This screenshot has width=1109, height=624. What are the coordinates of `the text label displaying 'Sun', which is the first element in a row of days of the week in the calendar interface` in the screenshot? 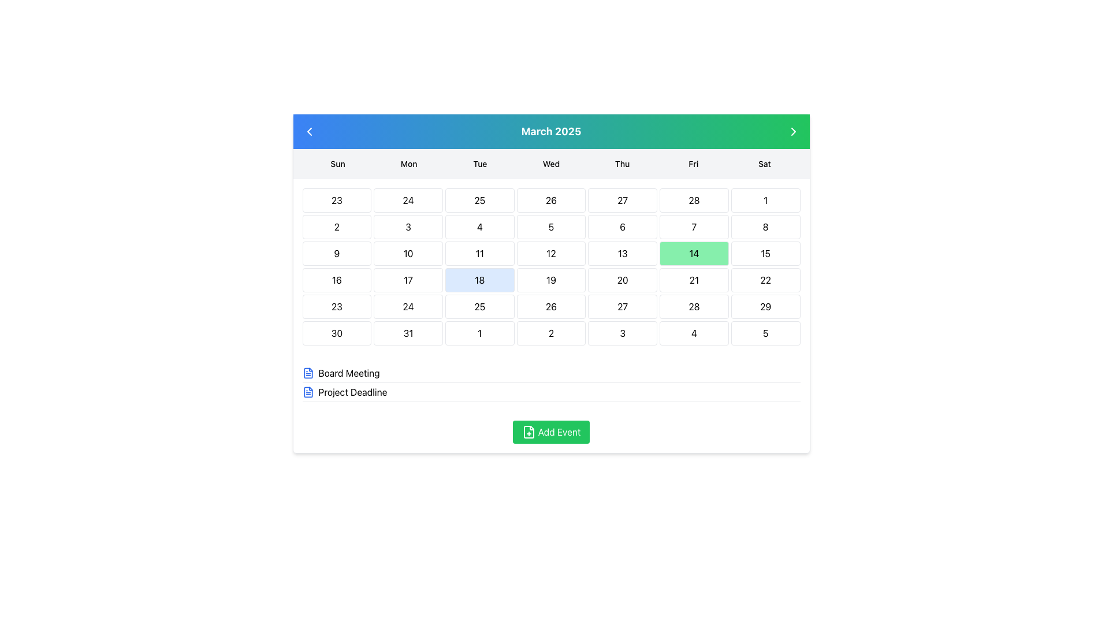 It's located at (337, 164).